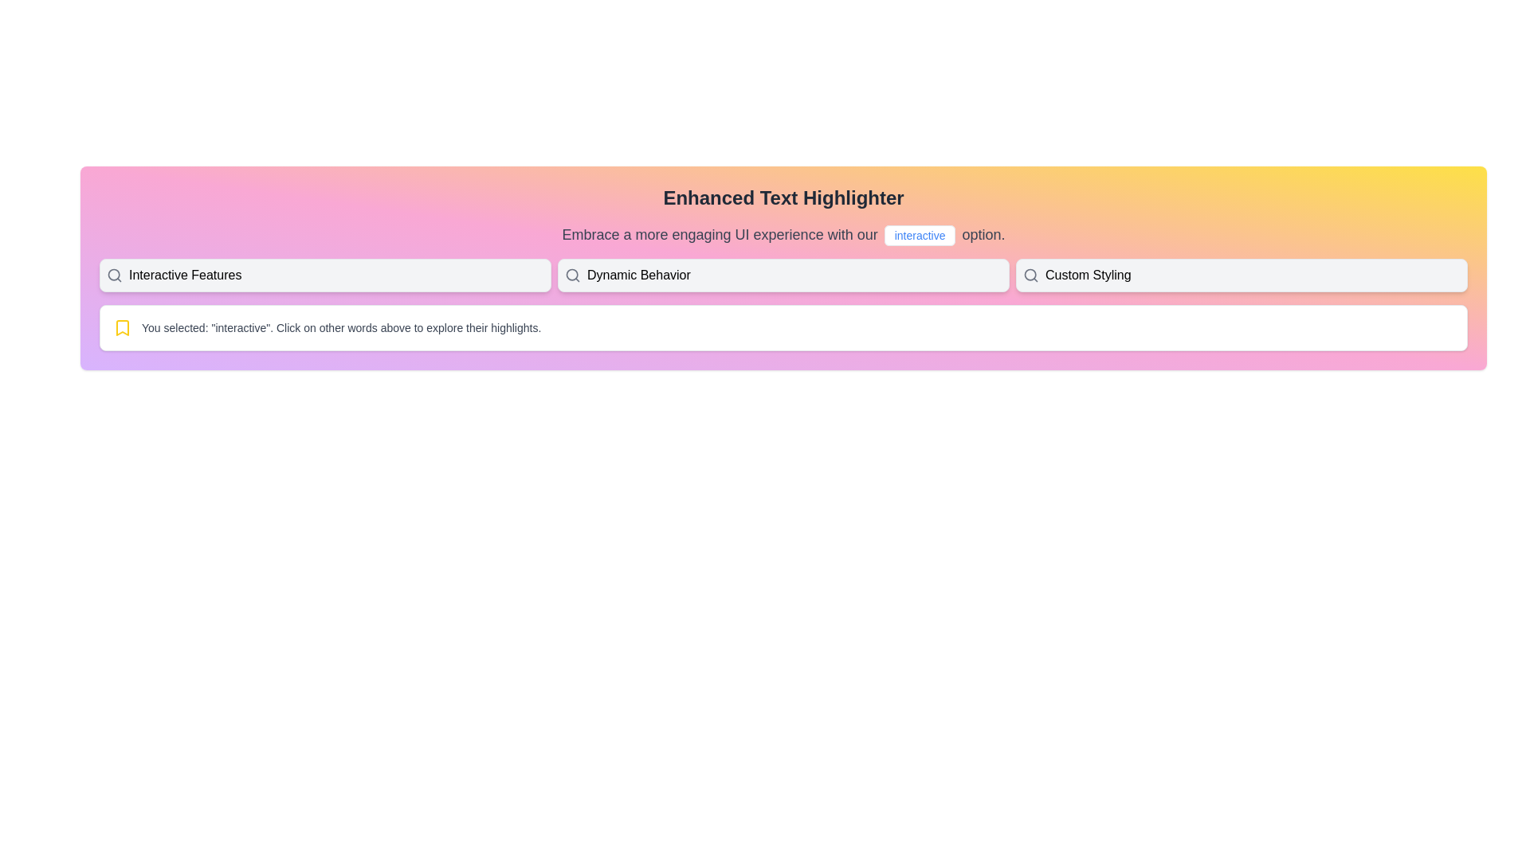 This screenshot has height=860, width=1530. Describe the element at coordinates (1241, 275) in the screenshot. I see `the 'Custom Styling' button using keyboard navigation` at that location.